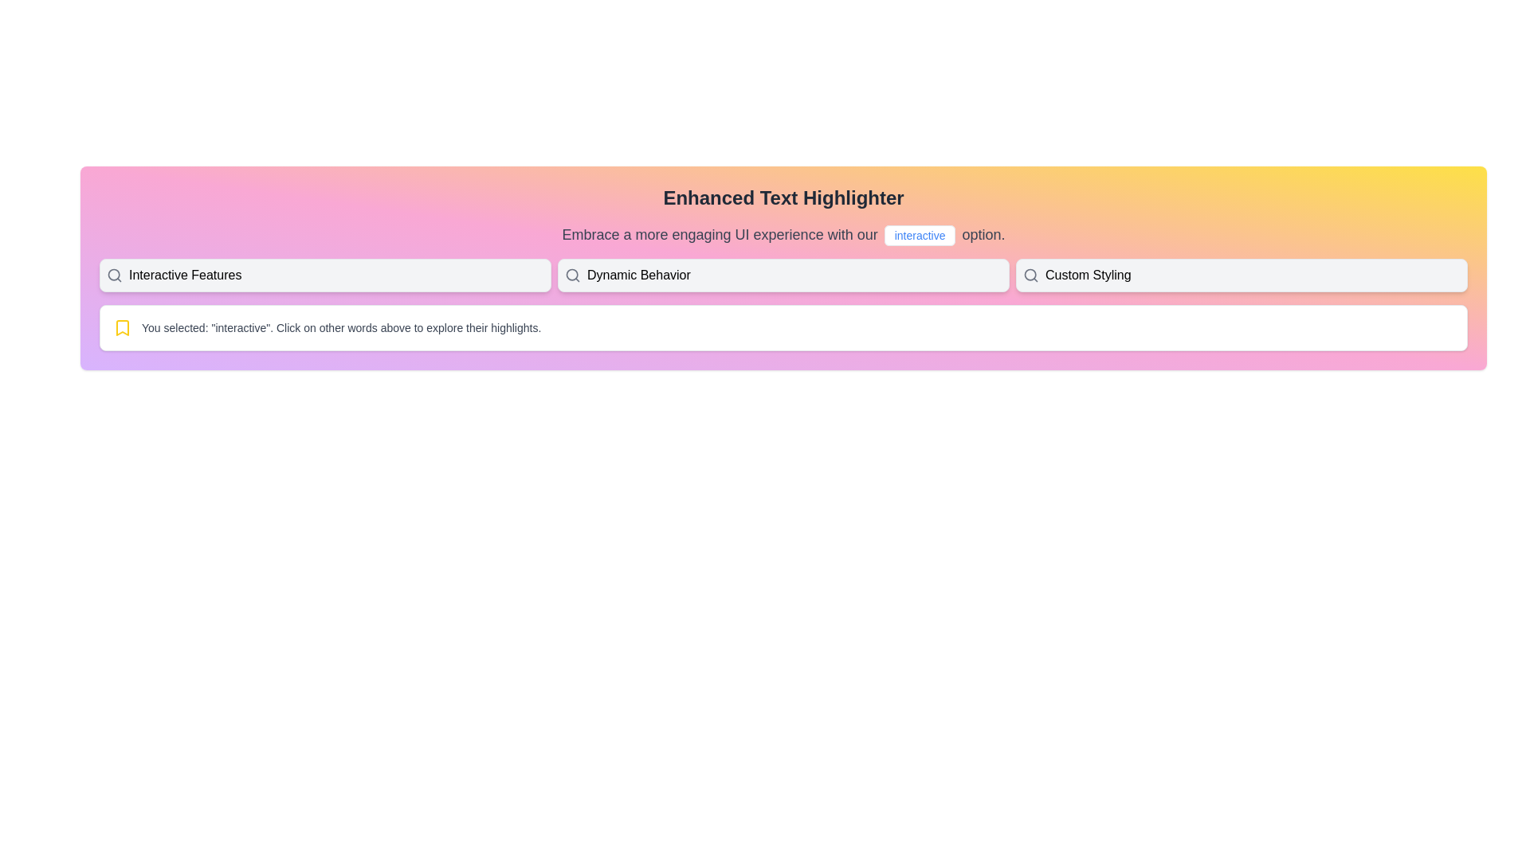 This screenshot has height=860, width=1530. Describe the element at coordinates (1241, 275) in the screenshot. I see `the 'Custom Styling' button using keyboard navigation` at that location.